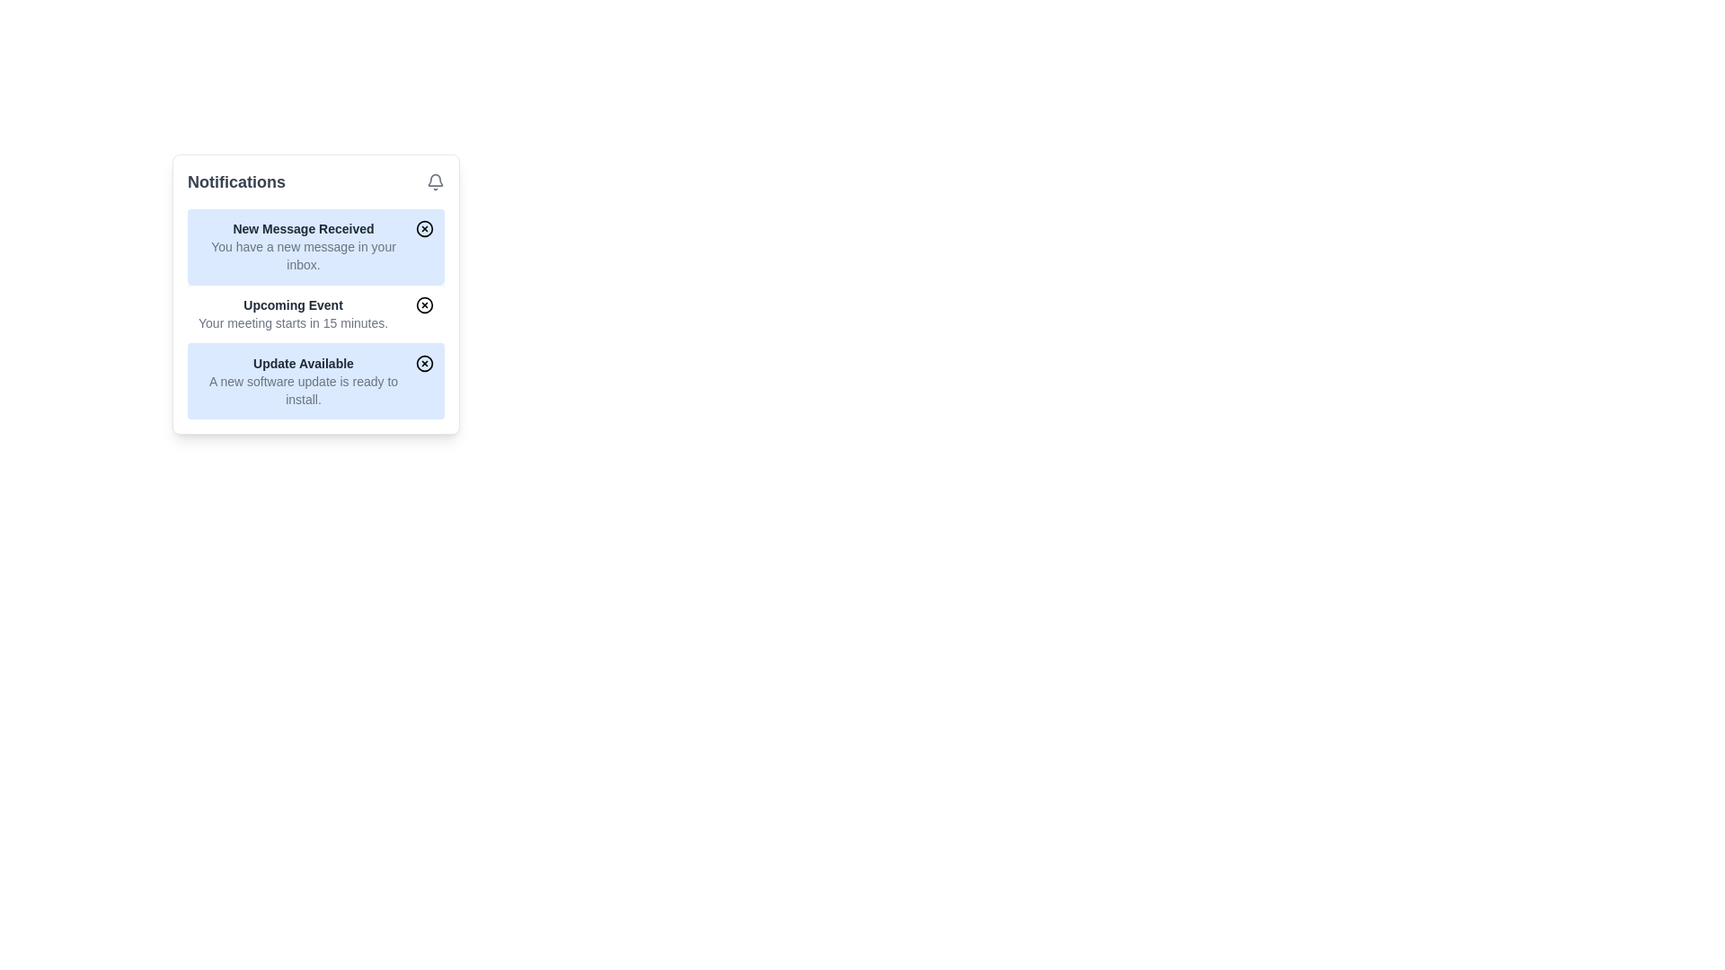  Describe the element at coordinates (435, 182) in the screenshot. I see `the notification bell icon, which is styled with the 'lucide' class and is located at the top-right corner of the notification panel, aligned with the 'Notifications' title` at that location.